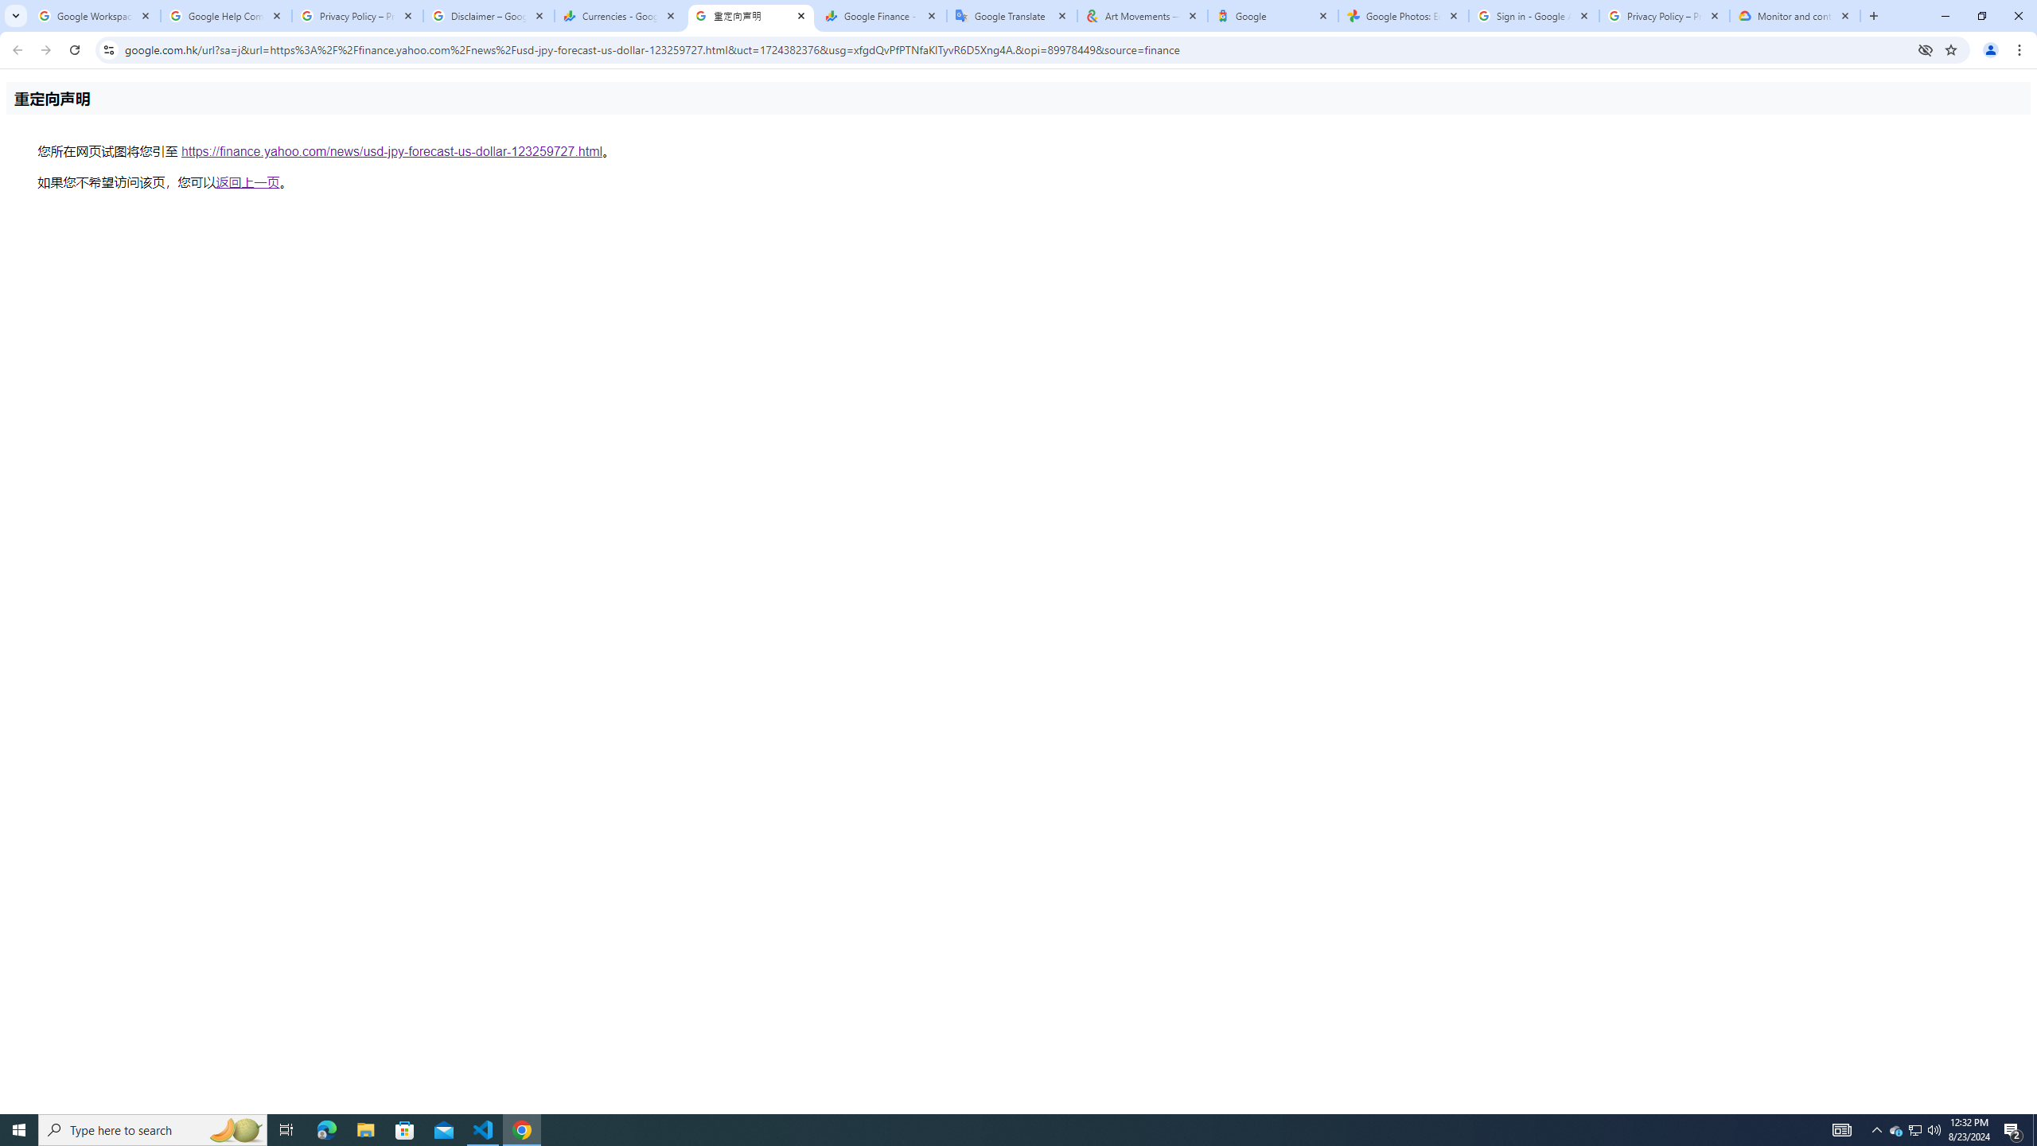  What do you see at coordinates (619, 15) in the screenshot?
I see `'Currencies - Google Finance'` at bounding box center [619, 15].